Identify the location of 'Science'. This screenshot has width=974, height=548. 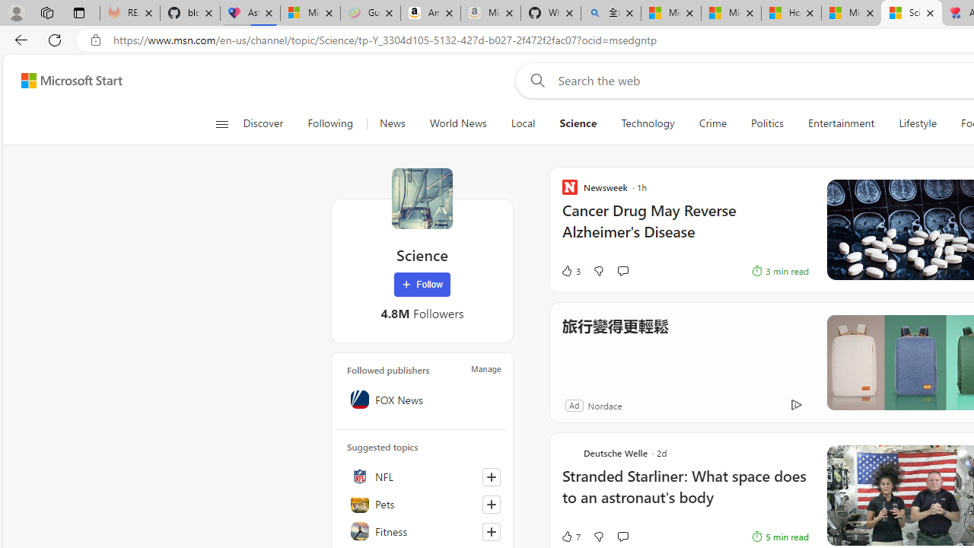
(422, 198).